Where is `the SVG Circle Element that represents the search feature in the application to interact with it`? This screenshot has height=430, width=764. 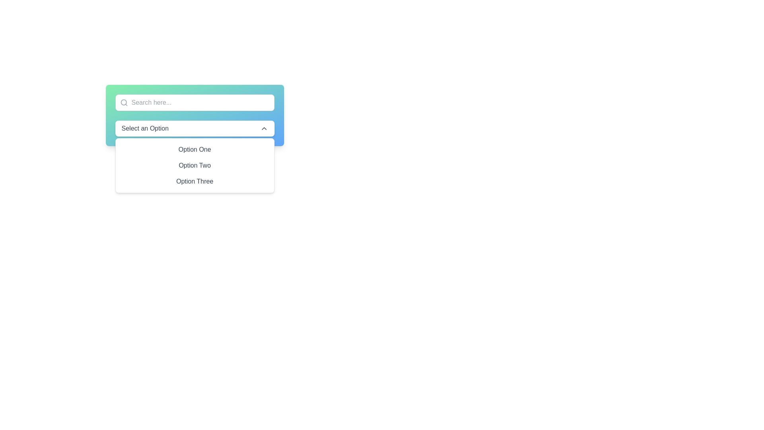
the SVG Circle Element that represents the search feature in the application to interact with it is located at coordinates (123, 102).